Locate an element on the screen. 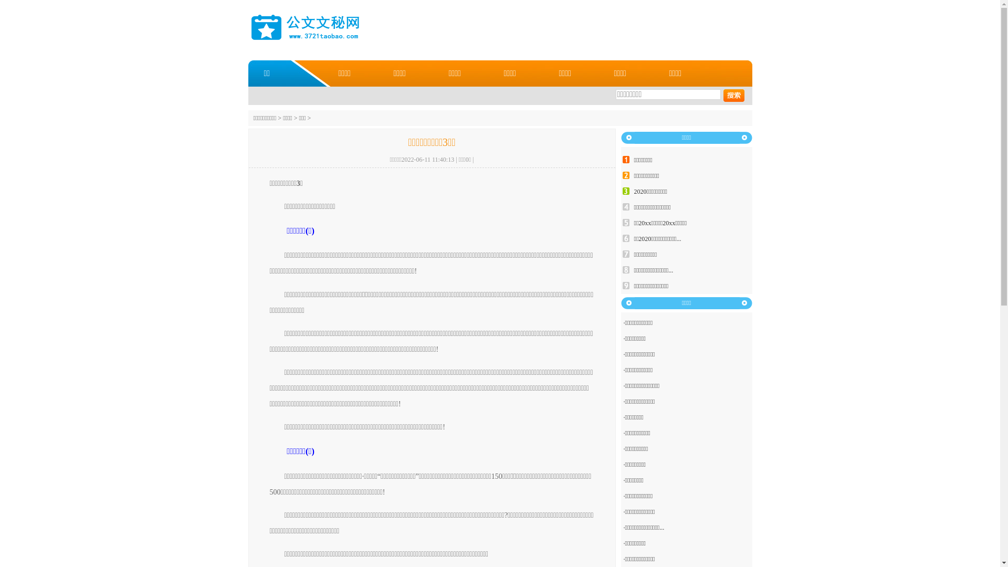 Image resolution: width=1008 pixels, height=567 pixels. 'search' is located at coordinates (733, 95).